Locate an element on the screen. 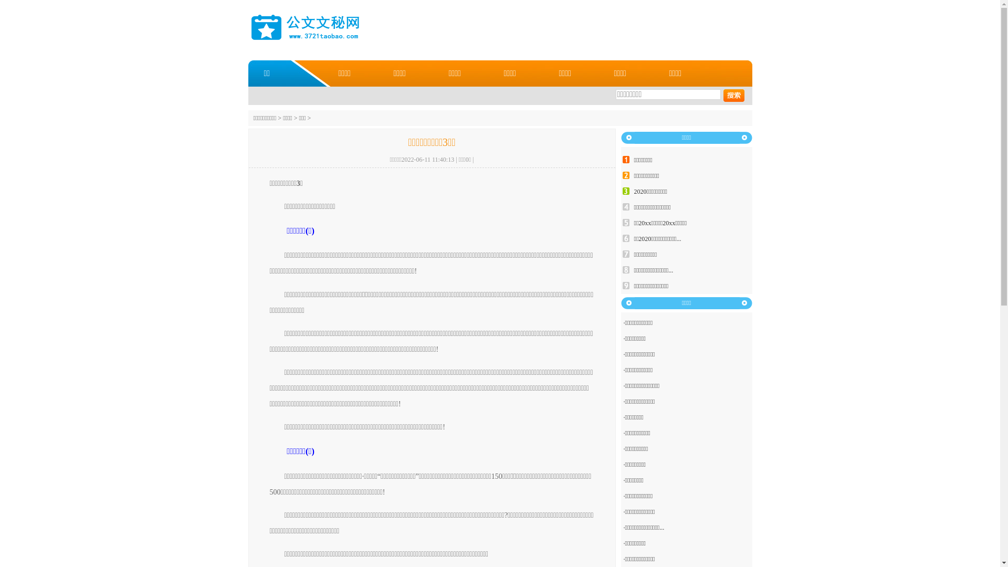 Image resolution: width=1008 pixels, height=567 pixels. 'search' is located at coordinates (733, 95).